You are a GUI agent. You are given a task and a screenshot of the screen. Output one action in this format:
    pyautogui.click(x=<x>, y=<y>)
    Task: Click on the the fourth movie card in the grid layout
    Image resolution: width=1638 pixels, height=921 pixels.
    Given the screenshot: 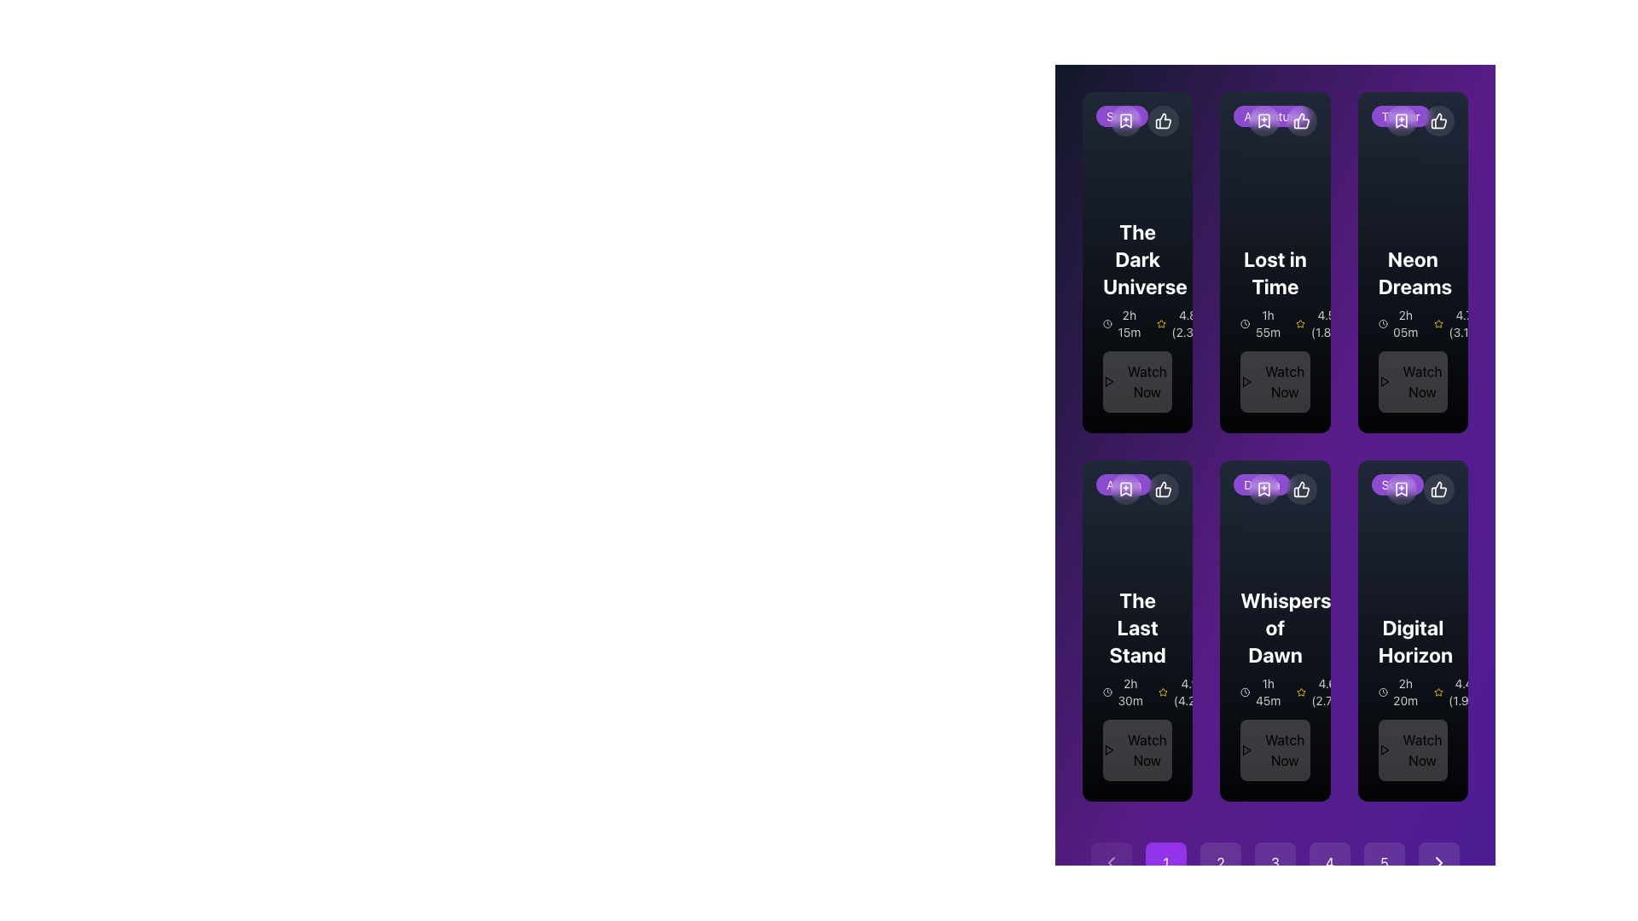 What is the action you would take?
    pyautogui.click(x=1137, y=631)
    